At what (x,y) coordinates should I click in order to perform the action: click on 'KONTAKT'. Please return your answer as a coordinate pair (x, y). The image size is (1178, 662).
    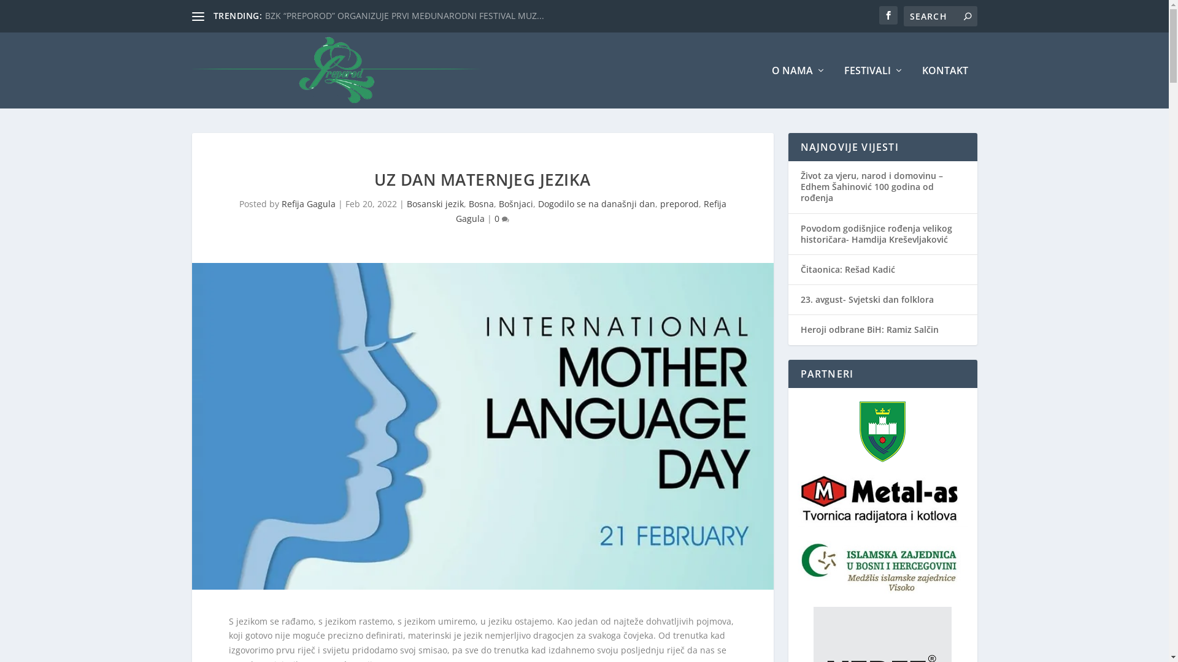
    Looking at the image, I should click on (922, 86).